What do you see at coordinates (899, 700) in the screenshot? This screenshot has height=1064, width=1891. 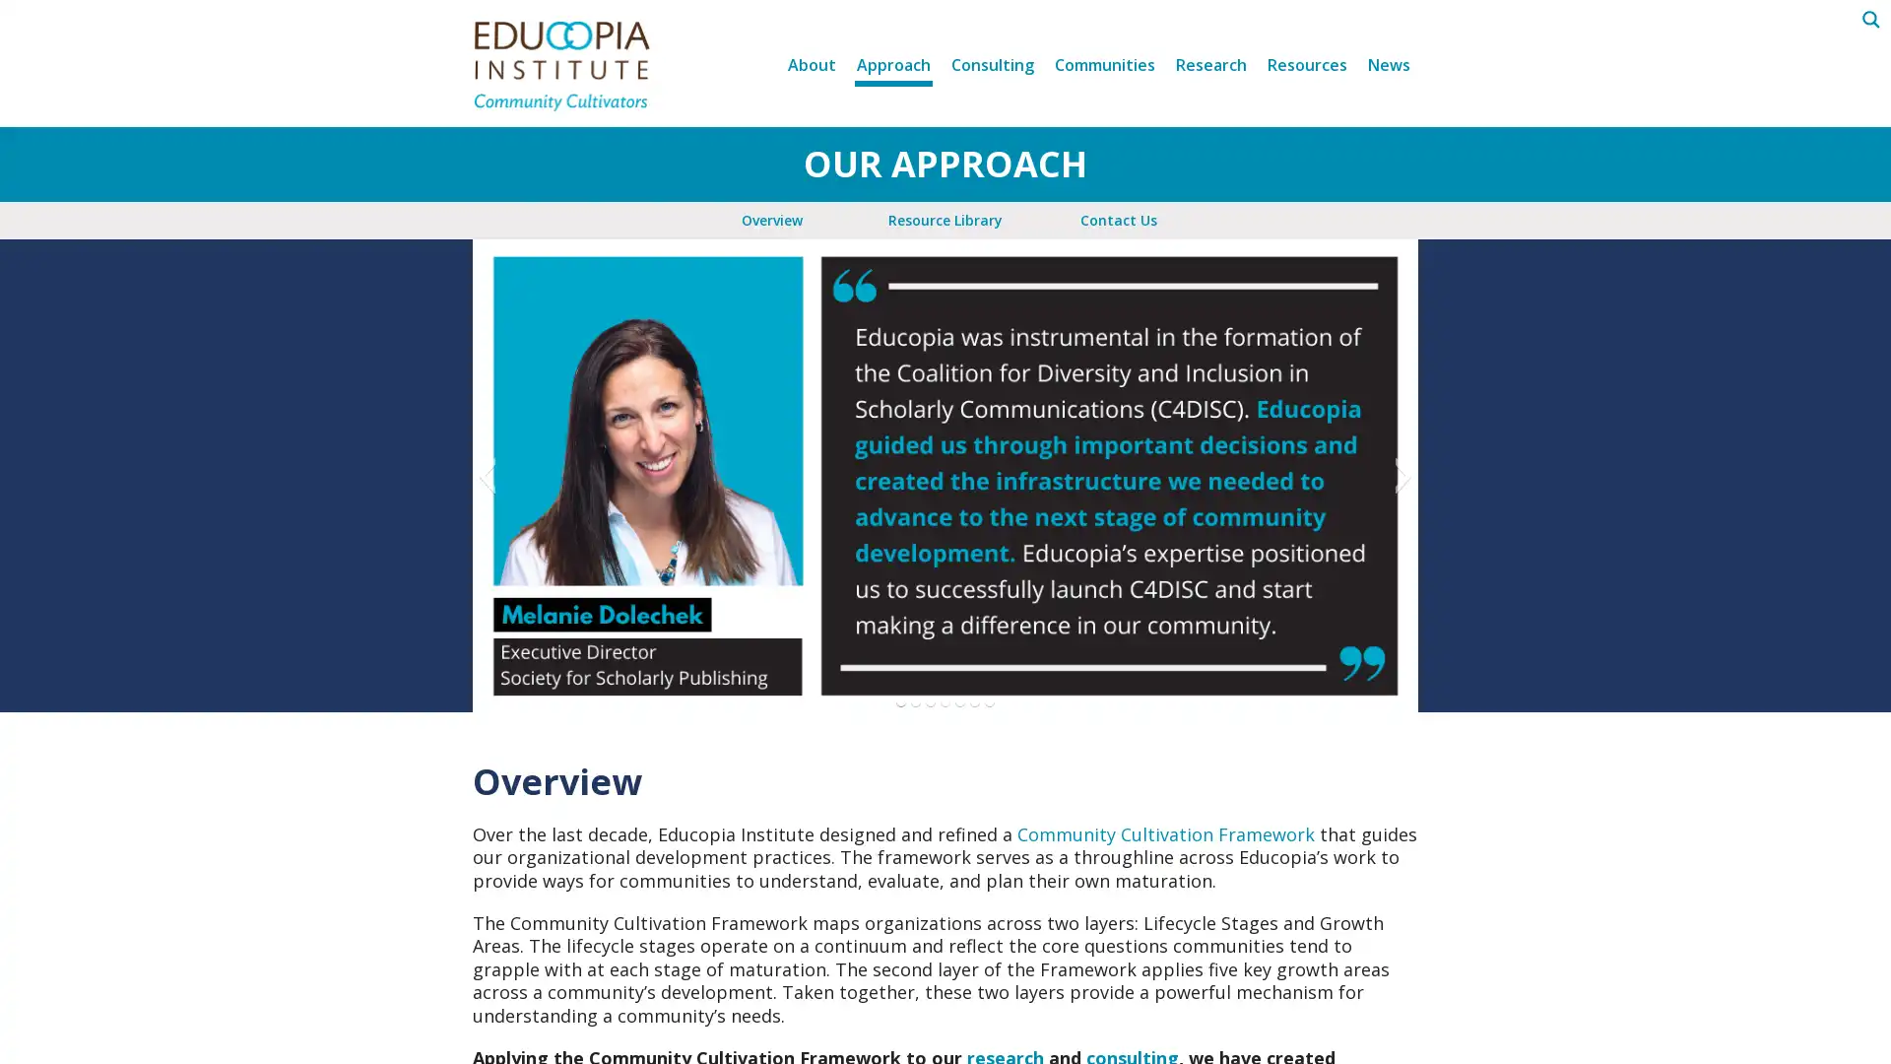 I see `Go to slide 1` at bounding box center [899, 700].